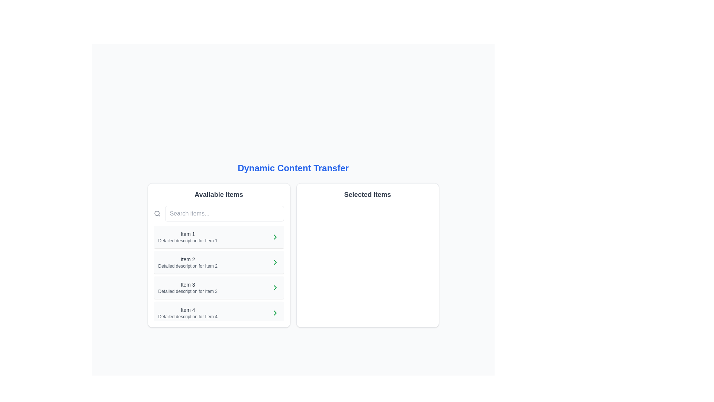 This screenshot has width=714, height=402. Describe the element at coordinates (157, 214) in the screenshot. I see `the magnifying glass icon, which is outlined in gray and represents a search function, located to the left of the search input field in the 'Available Items' section` at that location.